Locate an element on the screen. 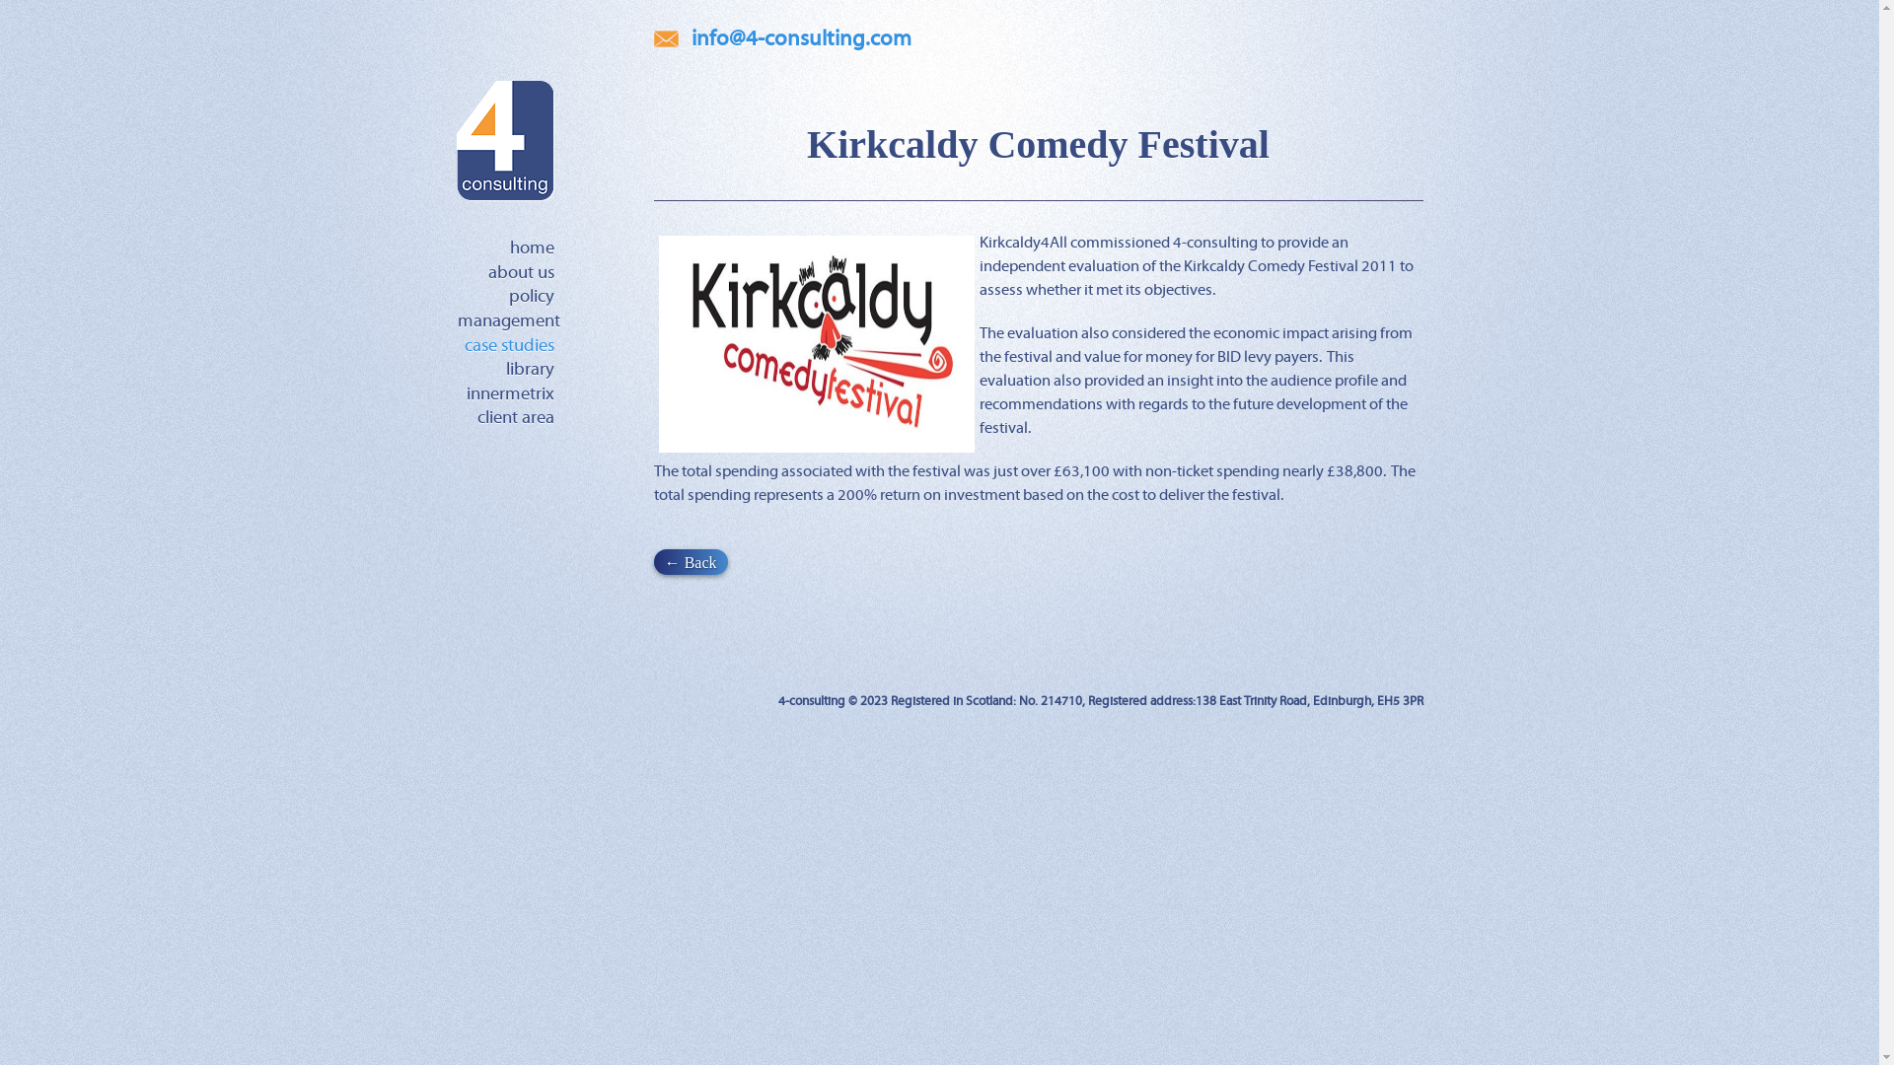  'innermetrix' is located at coordinates (509, 394).